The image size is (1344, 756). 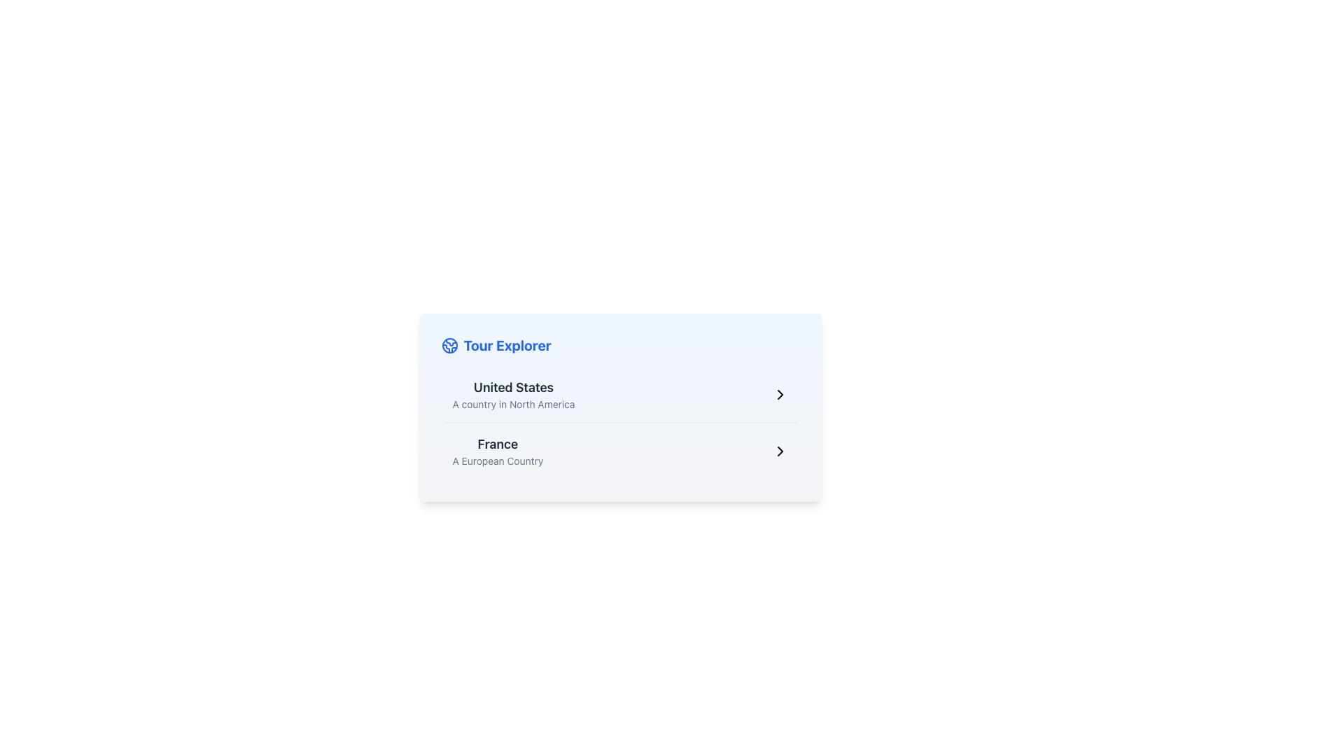 What do you see at coordinates (779, 394) in the screenshot?
I see `the Chevron icon at the right end of the navigation item labeled 'France'` at bounding box center [779, 394].